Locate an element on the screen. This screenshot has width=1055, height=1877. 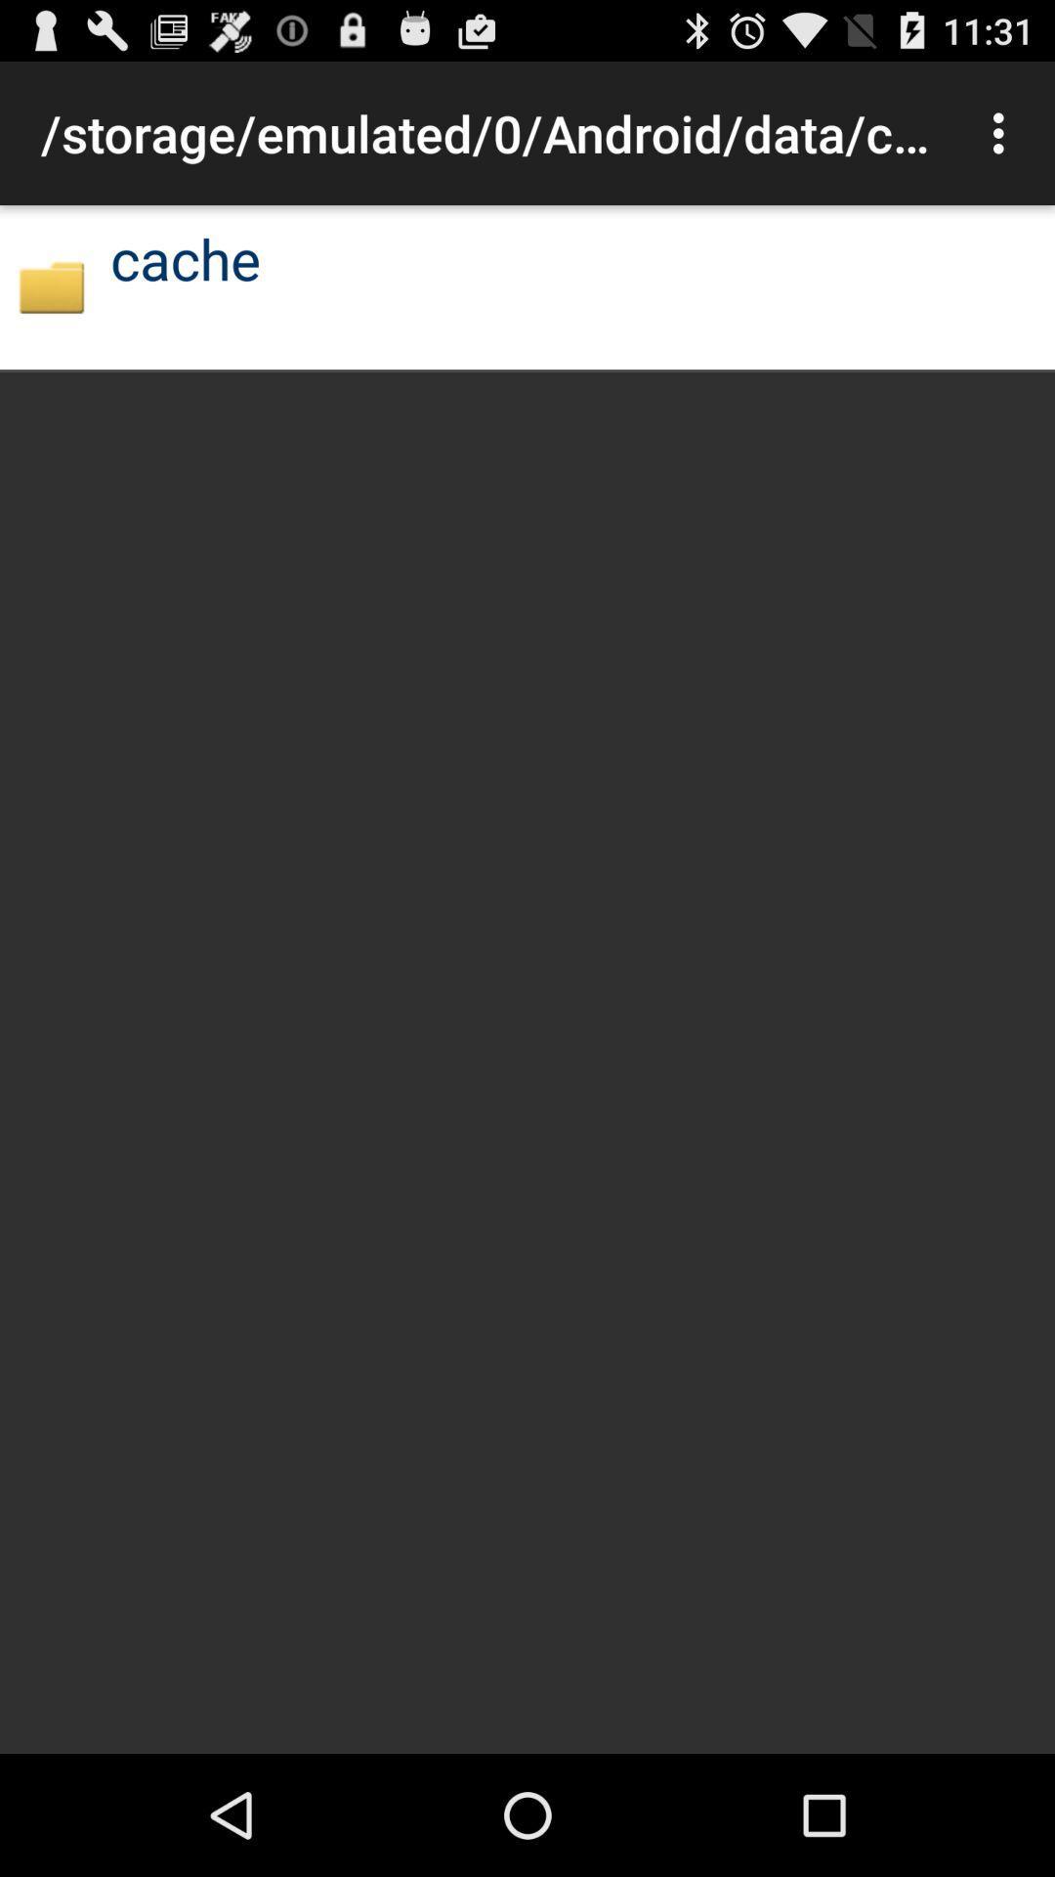
icon to the right of storage emulated 0 item is located at coordinates (1003, 132).